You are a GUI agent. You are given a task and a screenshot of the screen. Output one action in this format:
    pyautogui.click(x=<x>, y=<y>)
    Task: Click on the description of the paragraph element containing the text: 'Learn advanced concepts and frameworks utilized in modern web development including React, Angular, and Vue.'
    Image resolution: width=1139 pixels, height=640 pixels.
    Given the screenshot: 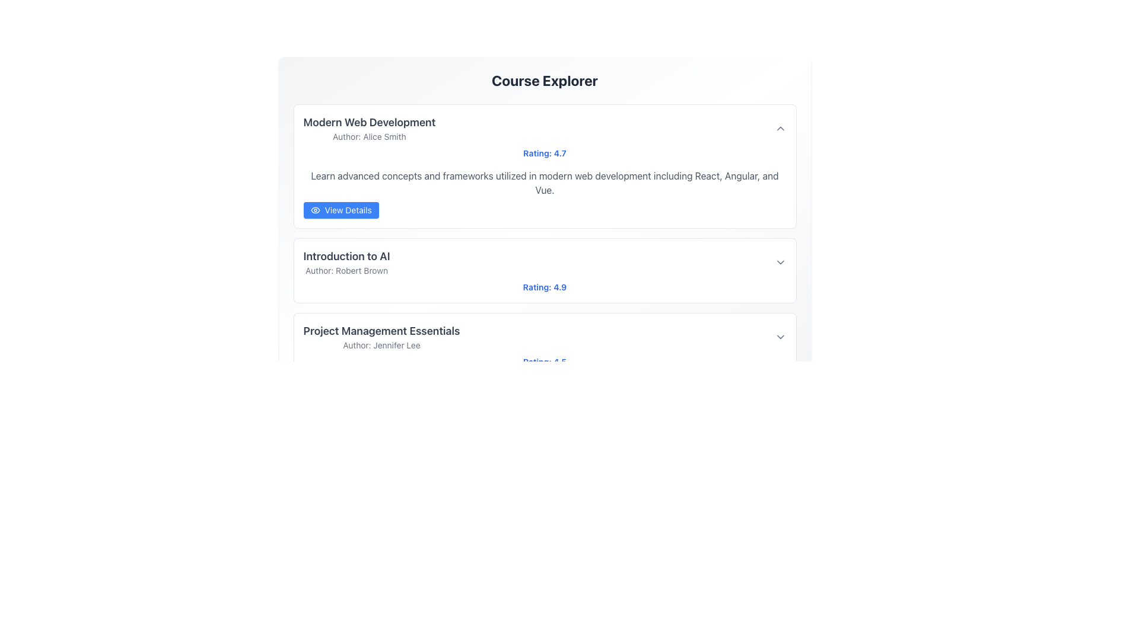 What is the action you would take?
    pyautogui.click(x=544, y=183)
    